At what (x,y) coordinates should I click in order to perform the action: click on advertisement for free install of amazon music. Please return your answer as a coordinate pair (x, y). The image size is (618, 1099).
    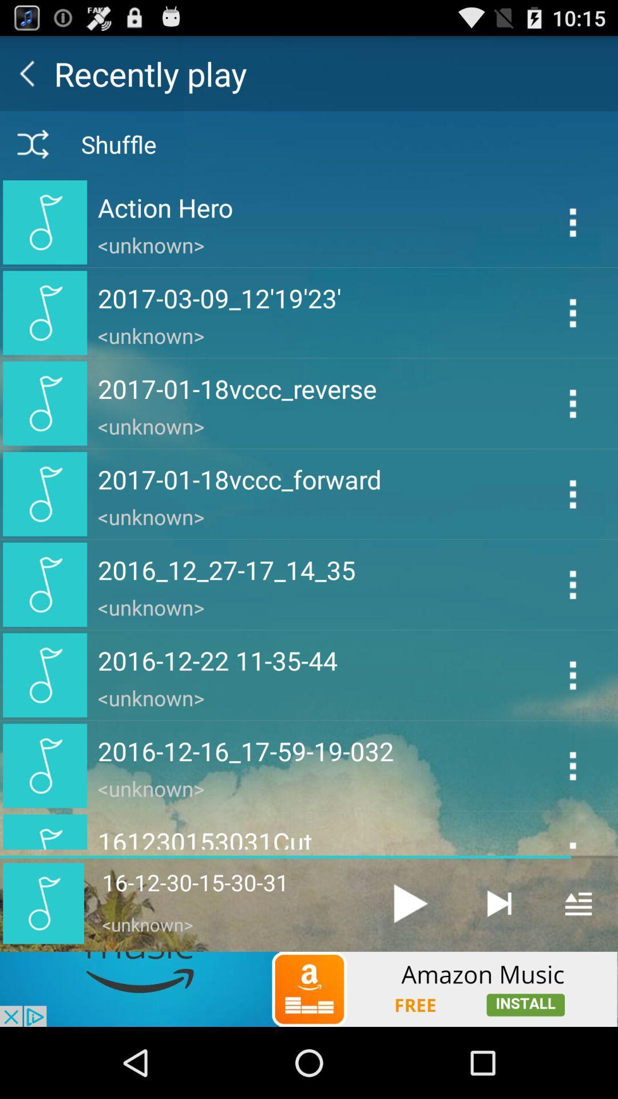
    Looking at the image, I should click on (309, 989).